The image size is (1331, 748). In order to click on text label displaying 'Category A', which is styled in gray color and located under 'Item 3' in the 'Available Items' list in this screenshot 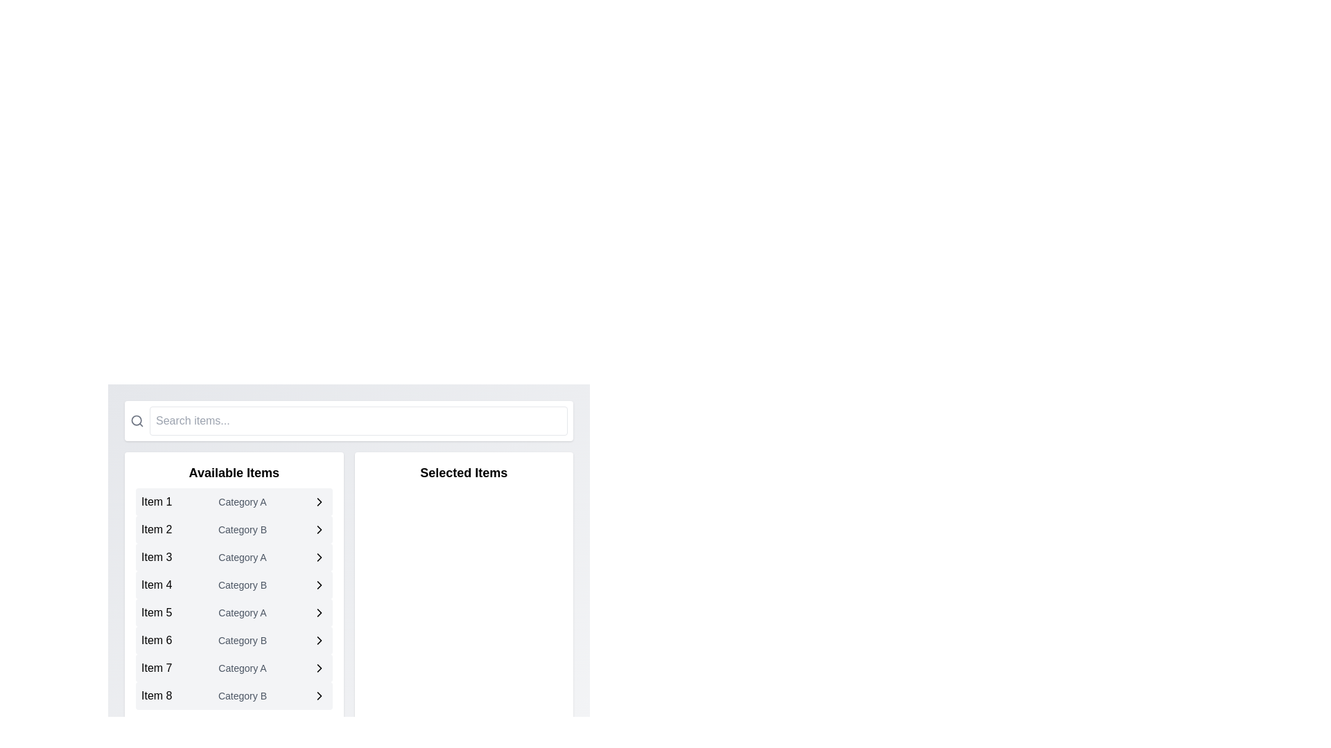, I will do `click(243, 557)`.